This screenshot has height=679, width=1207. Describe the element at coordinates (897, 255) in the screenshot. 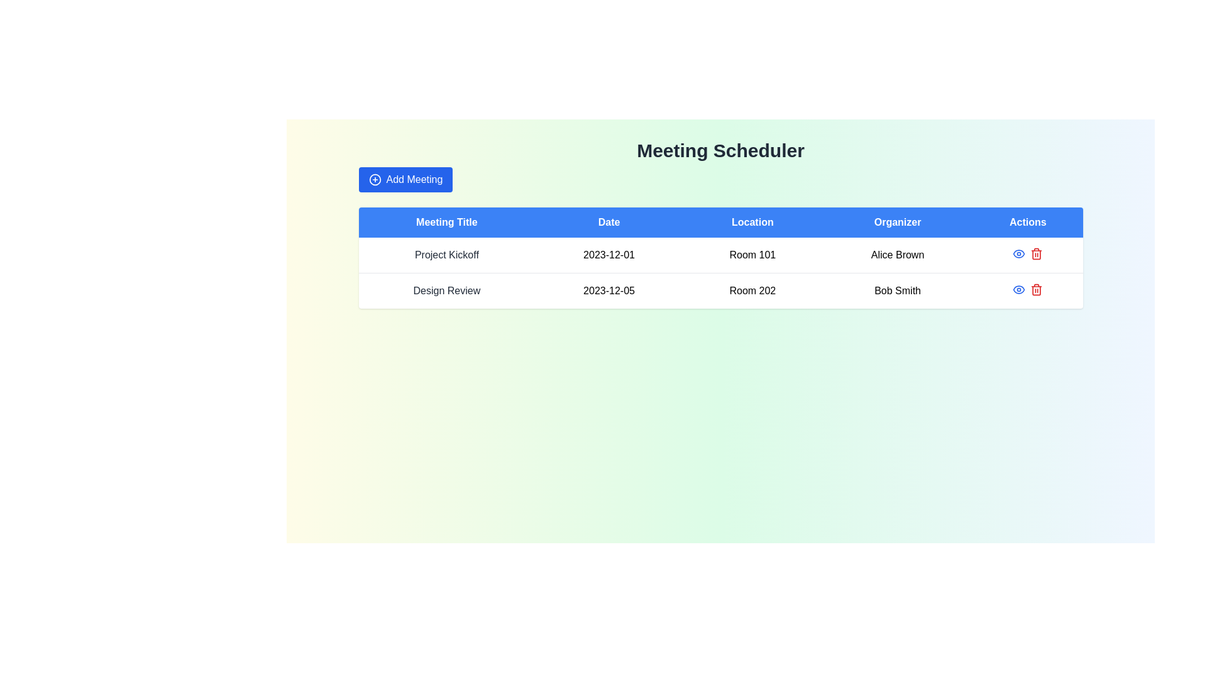

I see `the text label displaying 'Alice Brown', the organizer of the event, located in the 'Organizer' column of the first data row in the table` at that location.